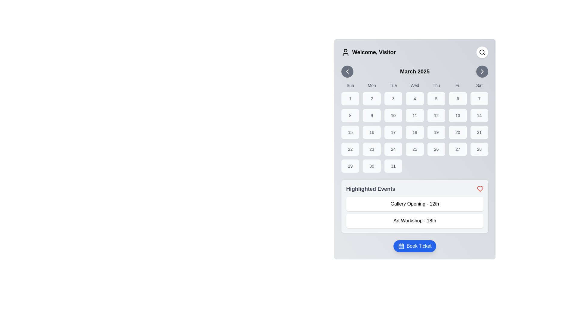  Describe the element at coordinates (458, 116) in the screenshot. I see `the rounded rectangular button labeled '13' in the calendar grid` at that location.